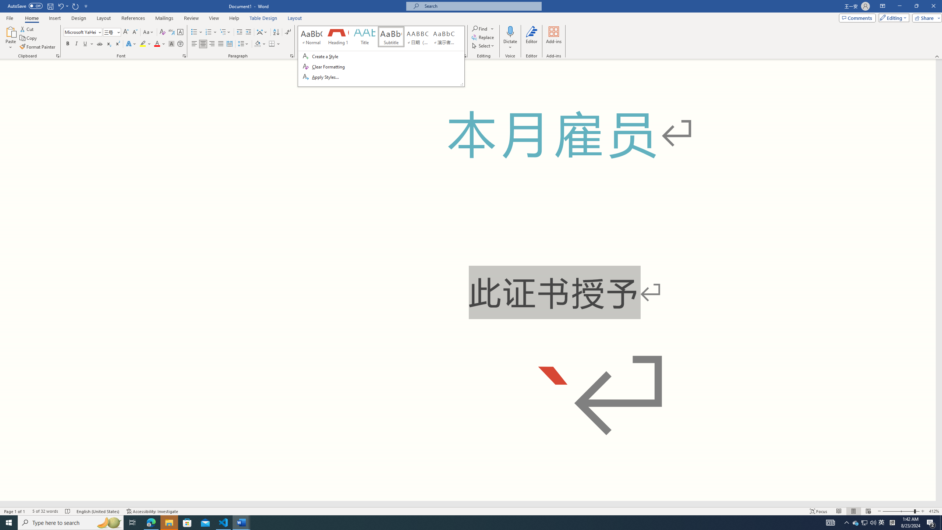  I want to click on 'Word - 2 running windows', so click(241, 522).